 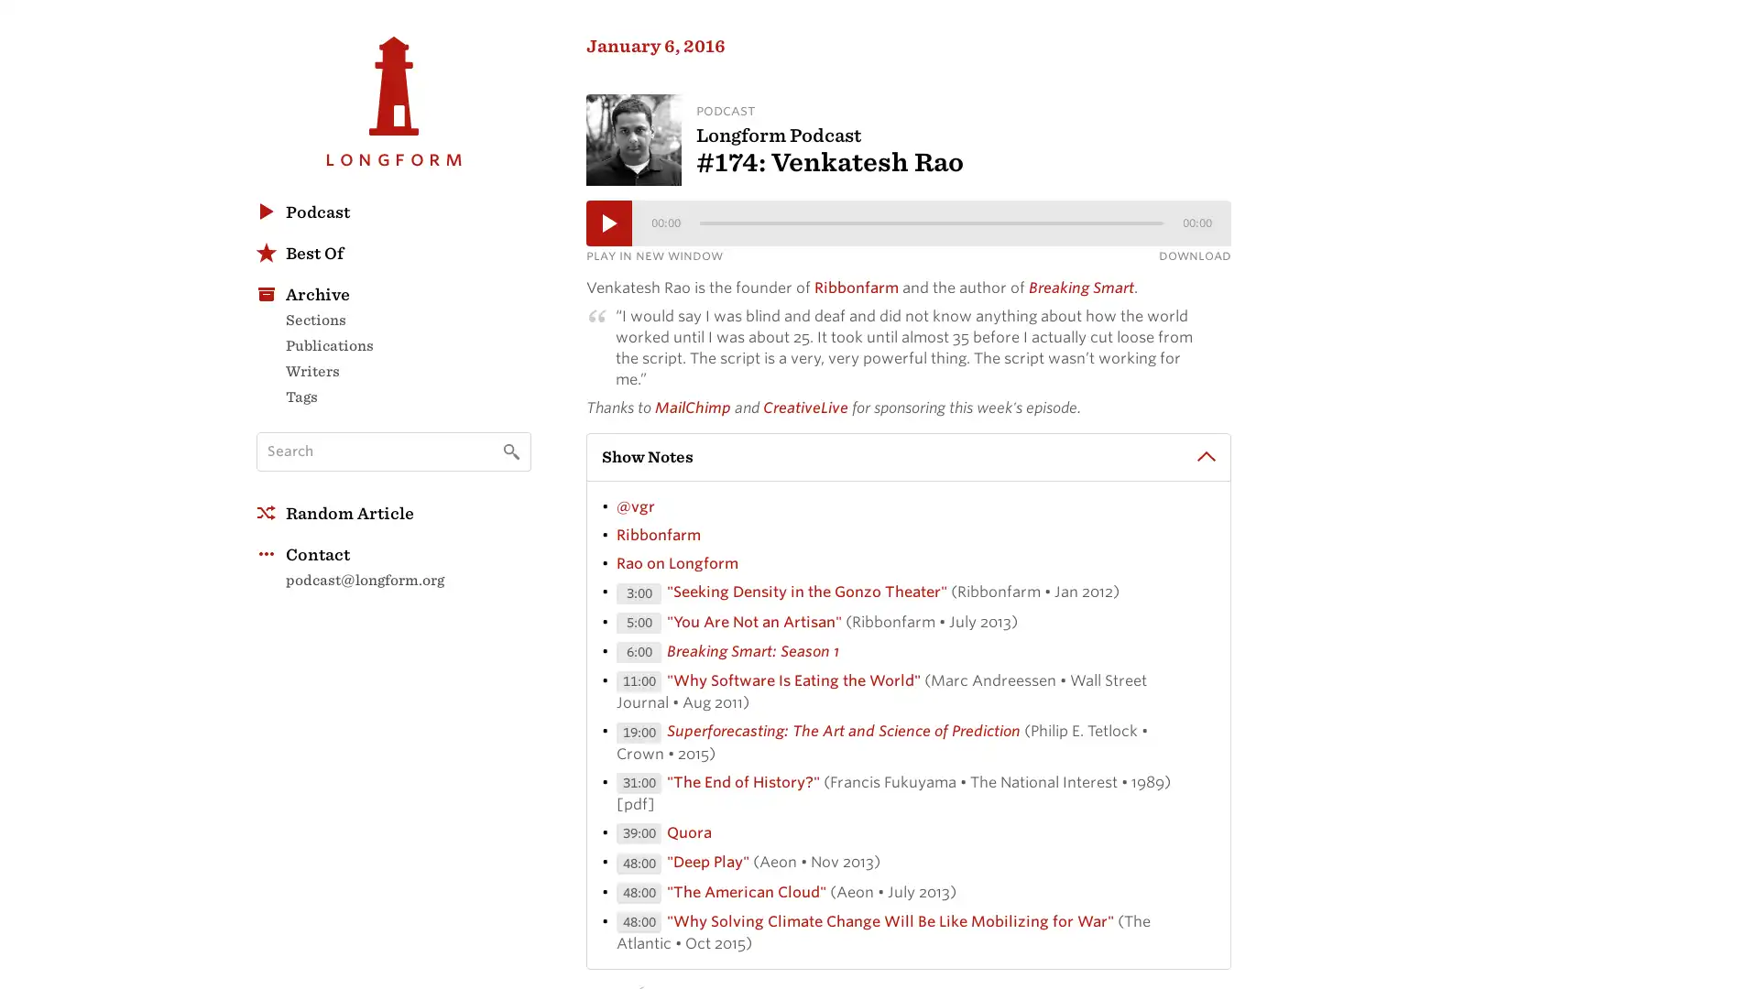 What do you see at coordinates (609, 225) in the screenshot?
I see `Play` at bounding box center [609, 225].